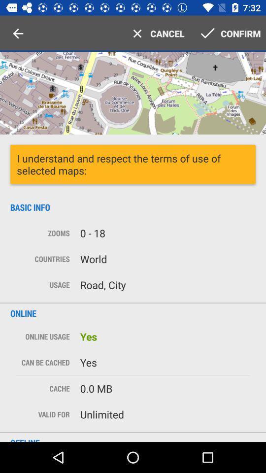 This screenshot has height=473, width=266. Describe the element at coordinates (228, 34) in the screenshot. I see `the tab on the right side of text cancel` at that location.